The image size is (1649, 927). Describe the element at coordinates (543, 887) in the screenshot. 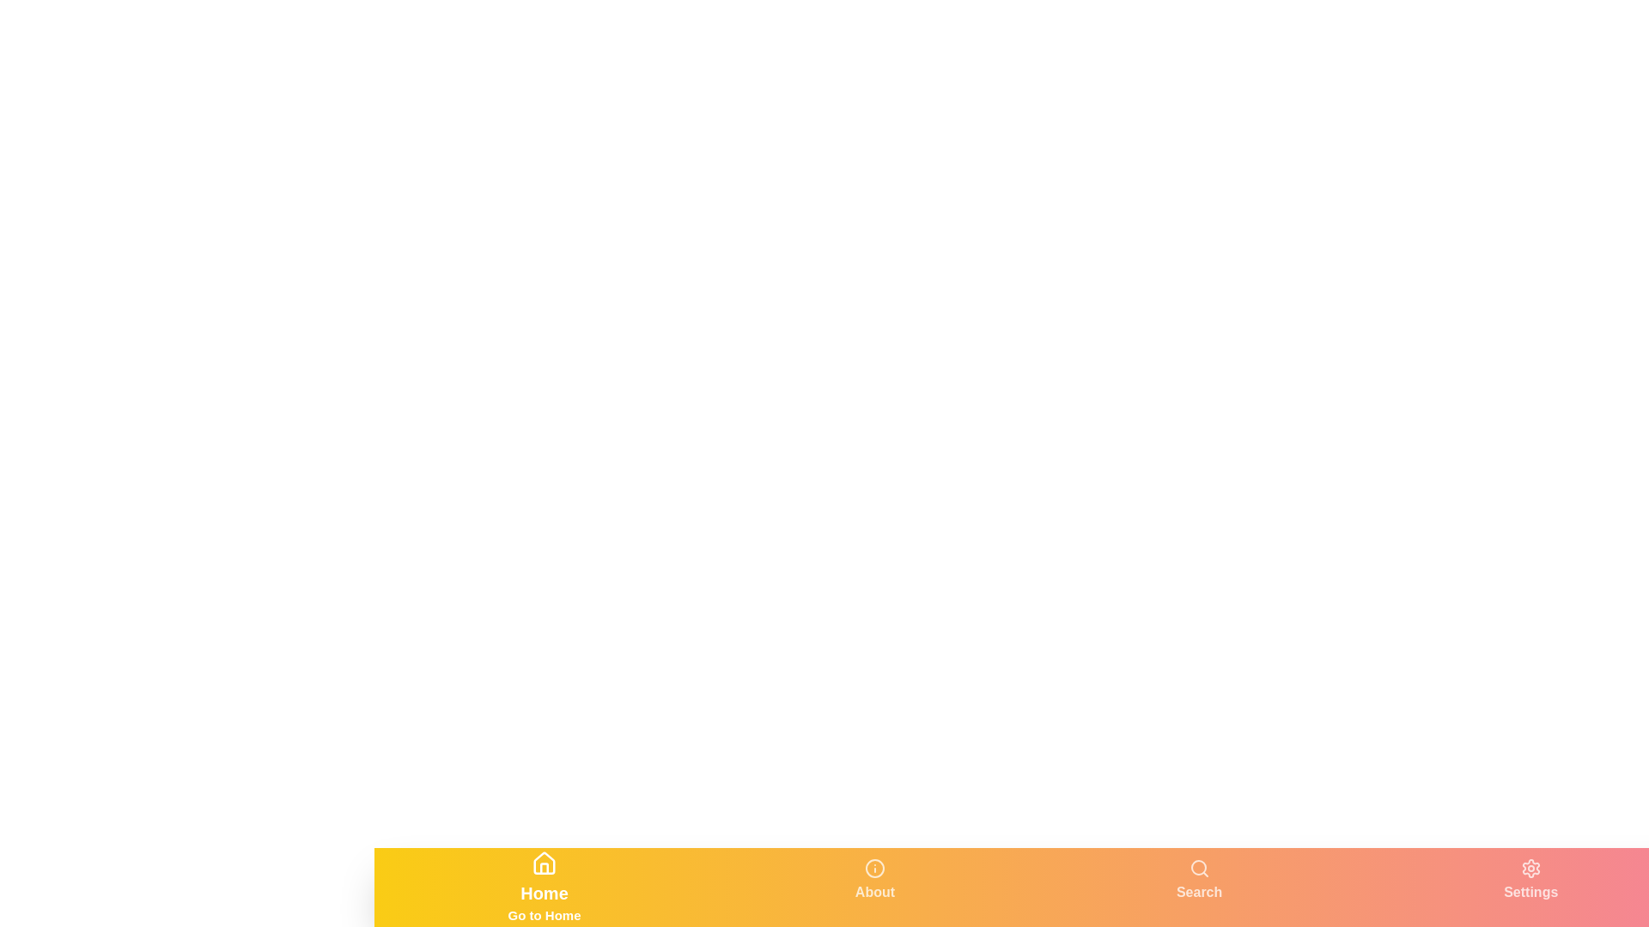

I see `the tab labeled Home to switch to that tab` at that location.